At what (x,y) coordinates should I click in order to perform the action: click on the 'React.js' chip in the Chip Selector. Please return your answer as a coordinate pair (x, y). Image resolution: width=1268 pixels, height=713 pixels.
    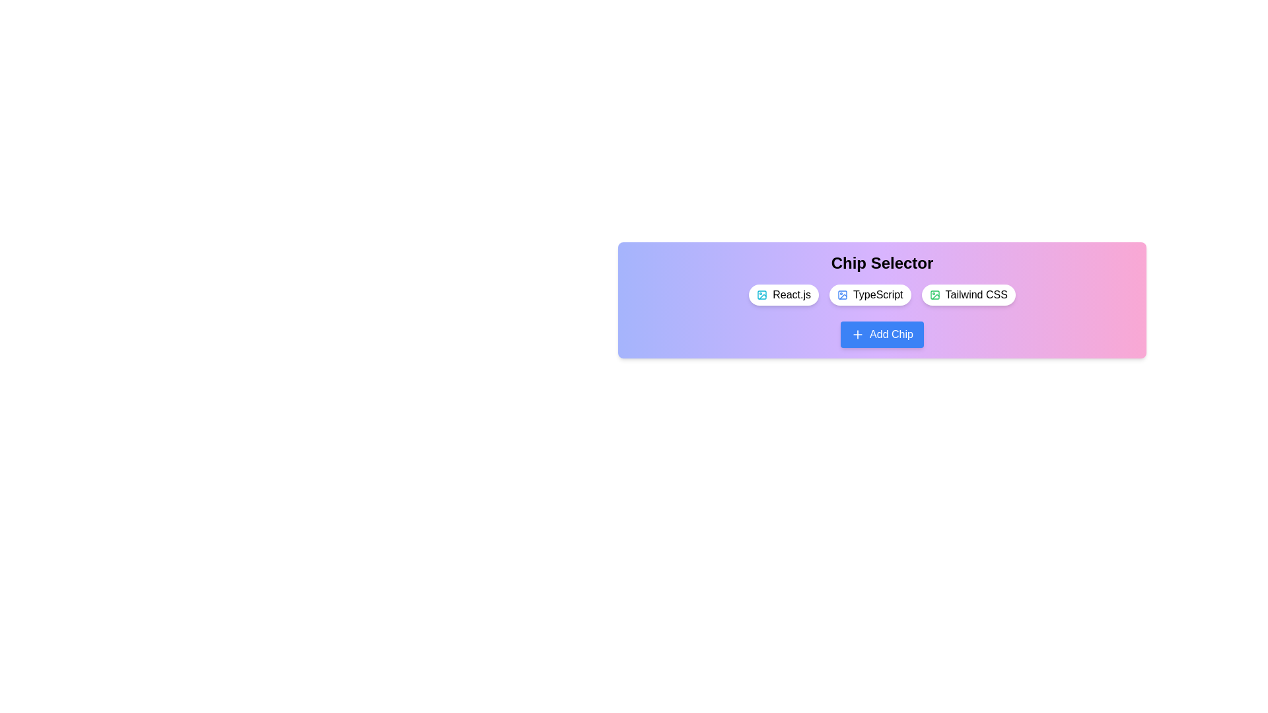
    Looking at the image, I should click on (784, 294).